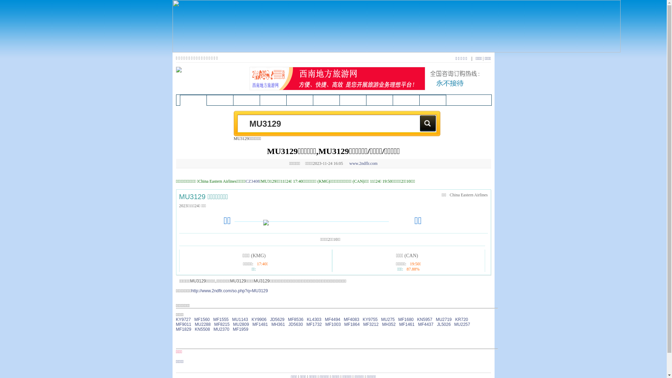 The height and width of the screenshot is (378, 672). I want to click on 'MF9011', so click(183, 324).